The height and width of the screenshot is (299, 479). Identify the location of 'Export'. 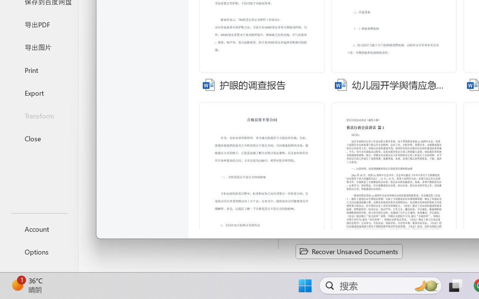
(39, 92).